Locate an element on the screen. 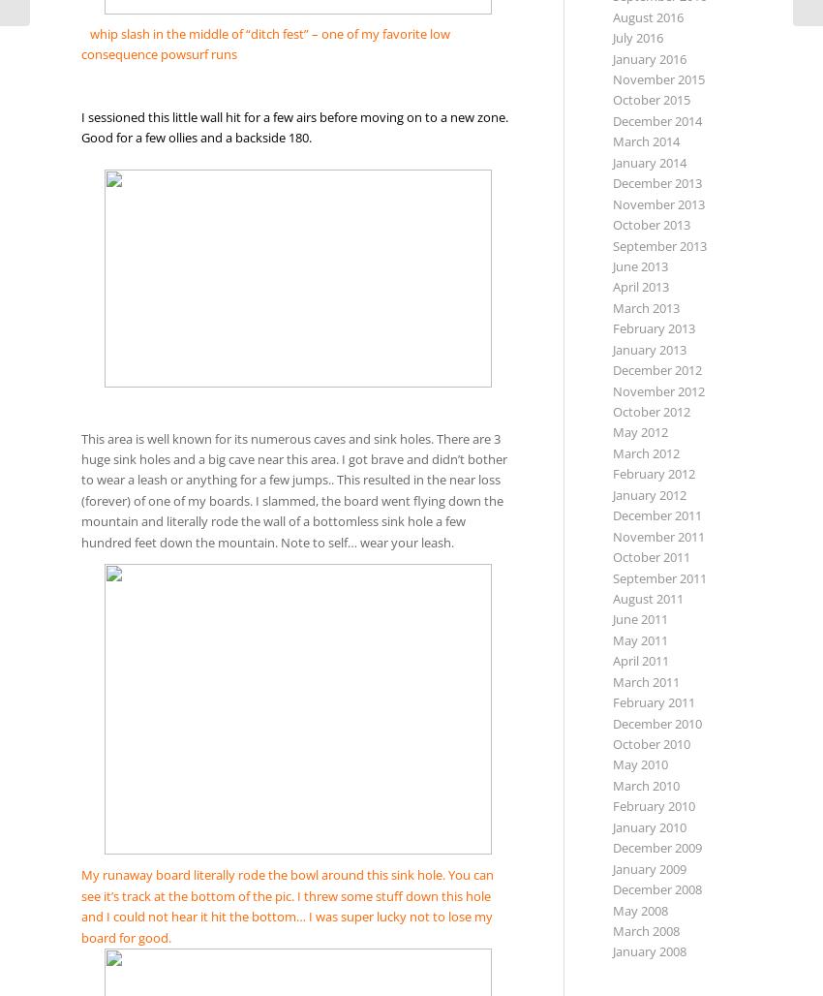  'November 2012' is located at coordinates (657, 389).